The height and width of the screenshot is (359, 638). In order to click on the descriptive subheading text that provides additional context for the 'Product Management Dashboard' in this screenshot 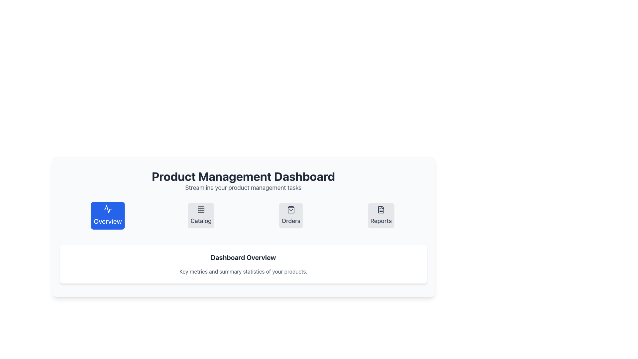, I will do `click(243, 187)`.